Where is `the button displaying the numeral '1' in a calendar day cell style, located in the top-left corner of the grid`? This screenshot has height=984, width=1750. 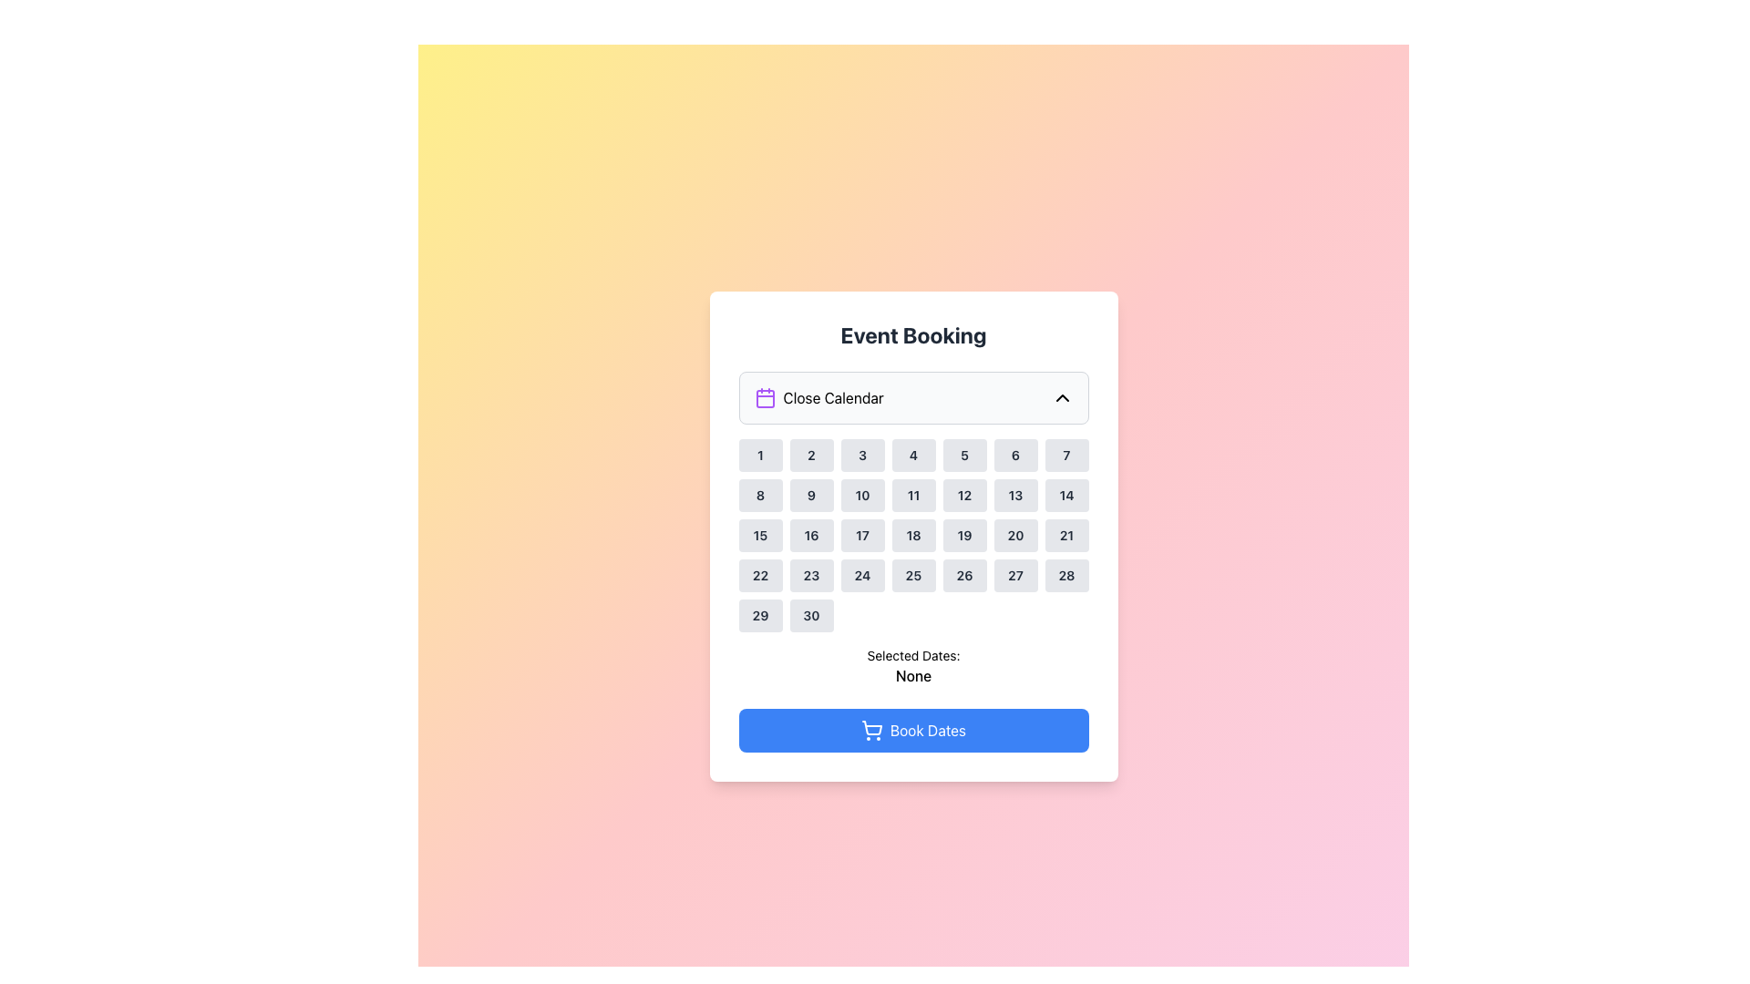 the button displaying the numeral '1' in a calendar day cell style, located in the top-left corner of the grid is located at coordinates (760, 455).